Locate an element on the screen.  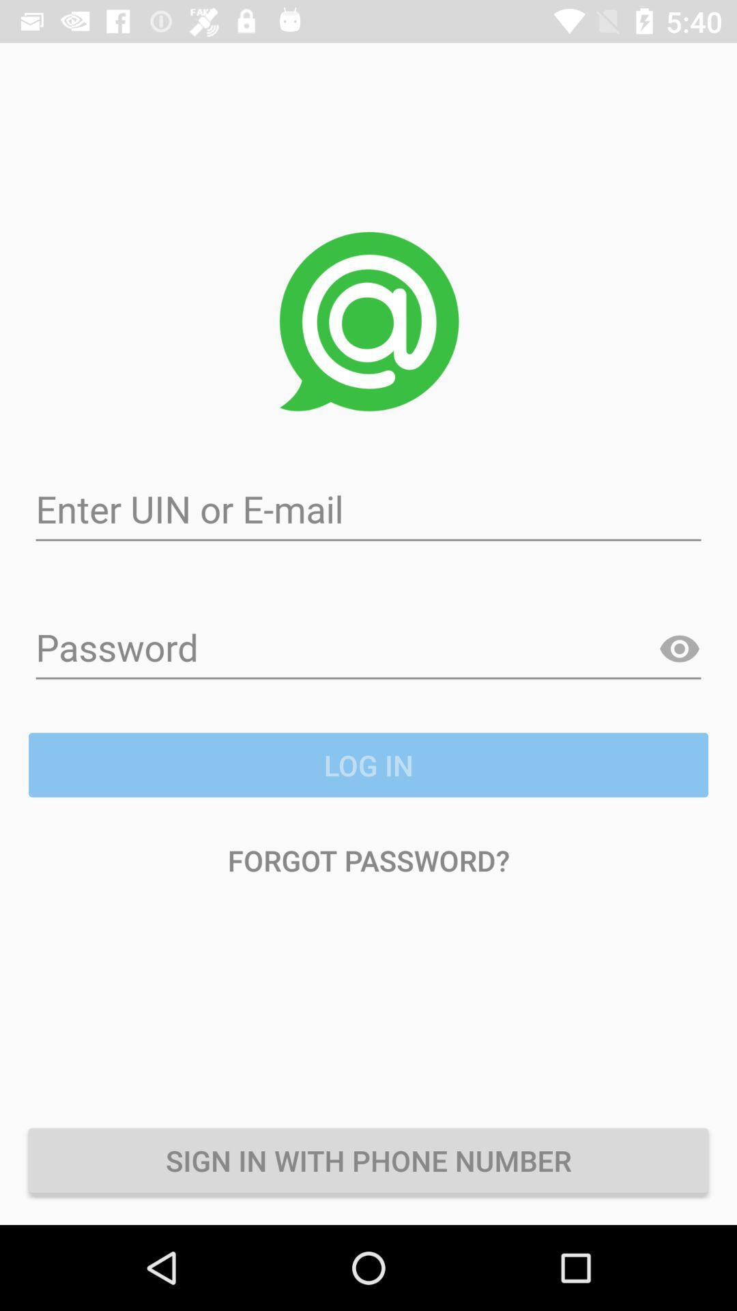
item below log in icon is located at coordinates (369, 859).